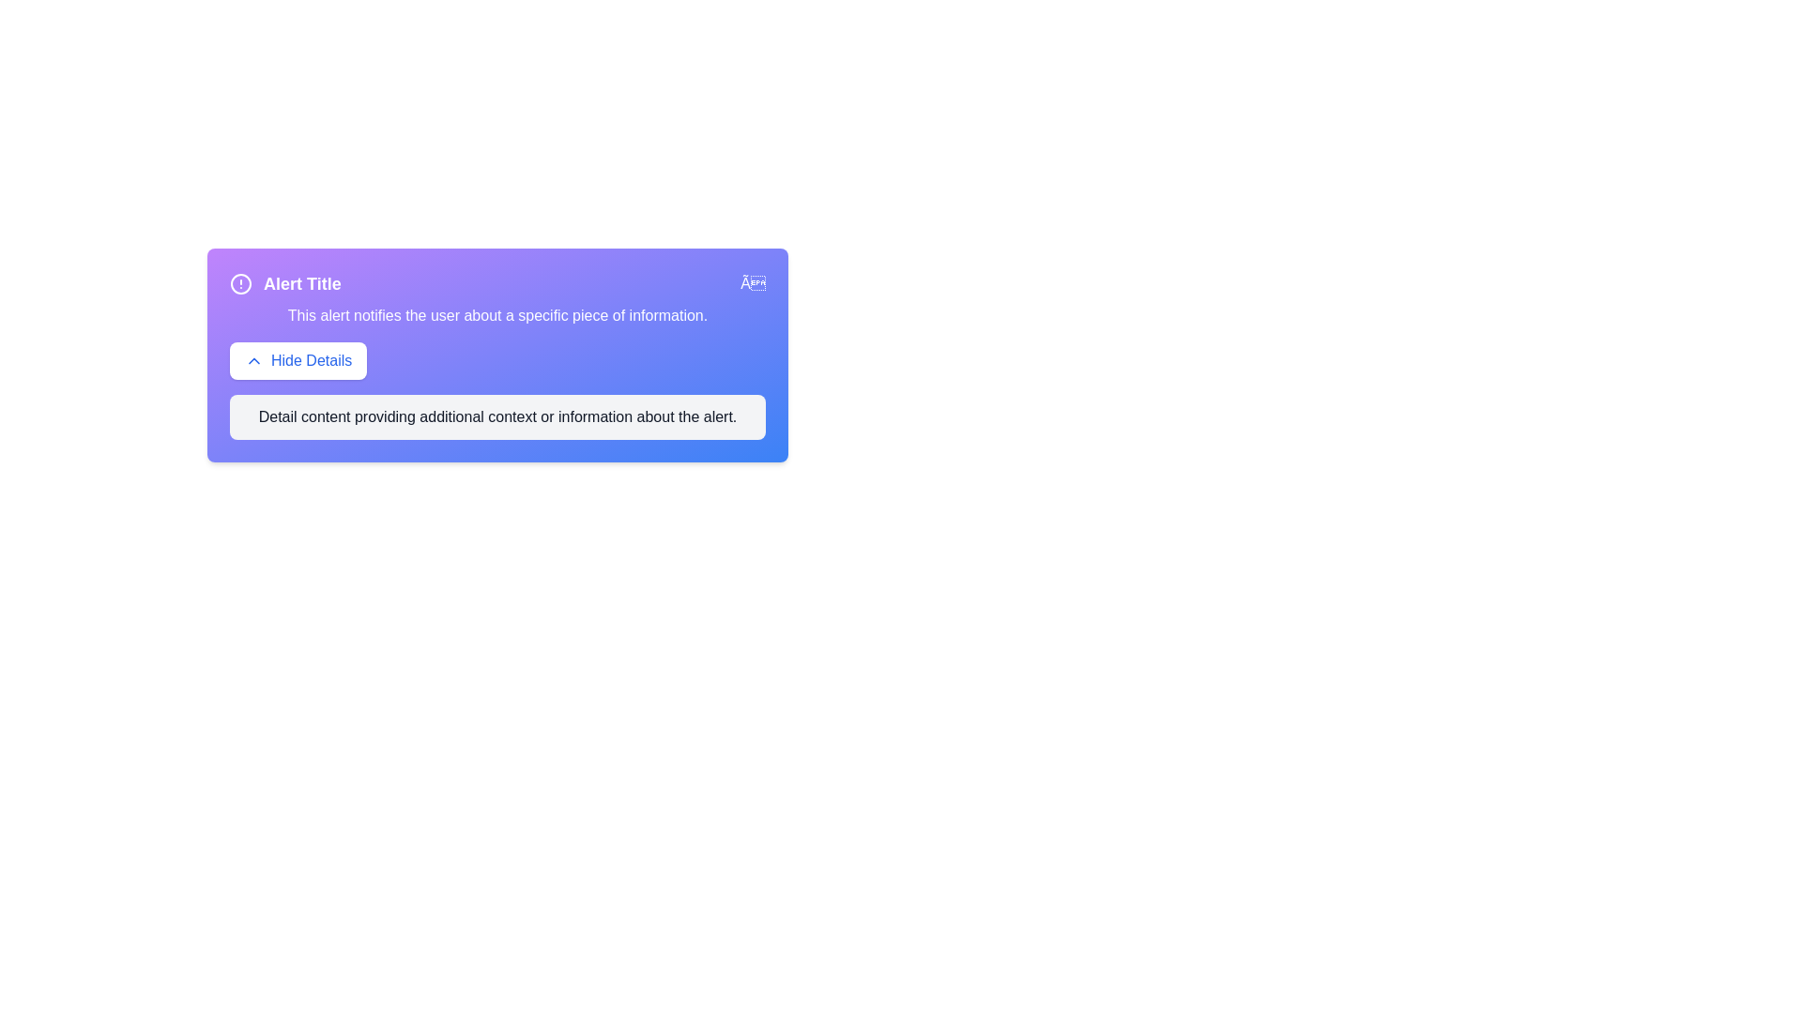 This screenshot has width=1802, height=1013. I want to click on the close button to dismiss the notification panel, so click(753, 284).